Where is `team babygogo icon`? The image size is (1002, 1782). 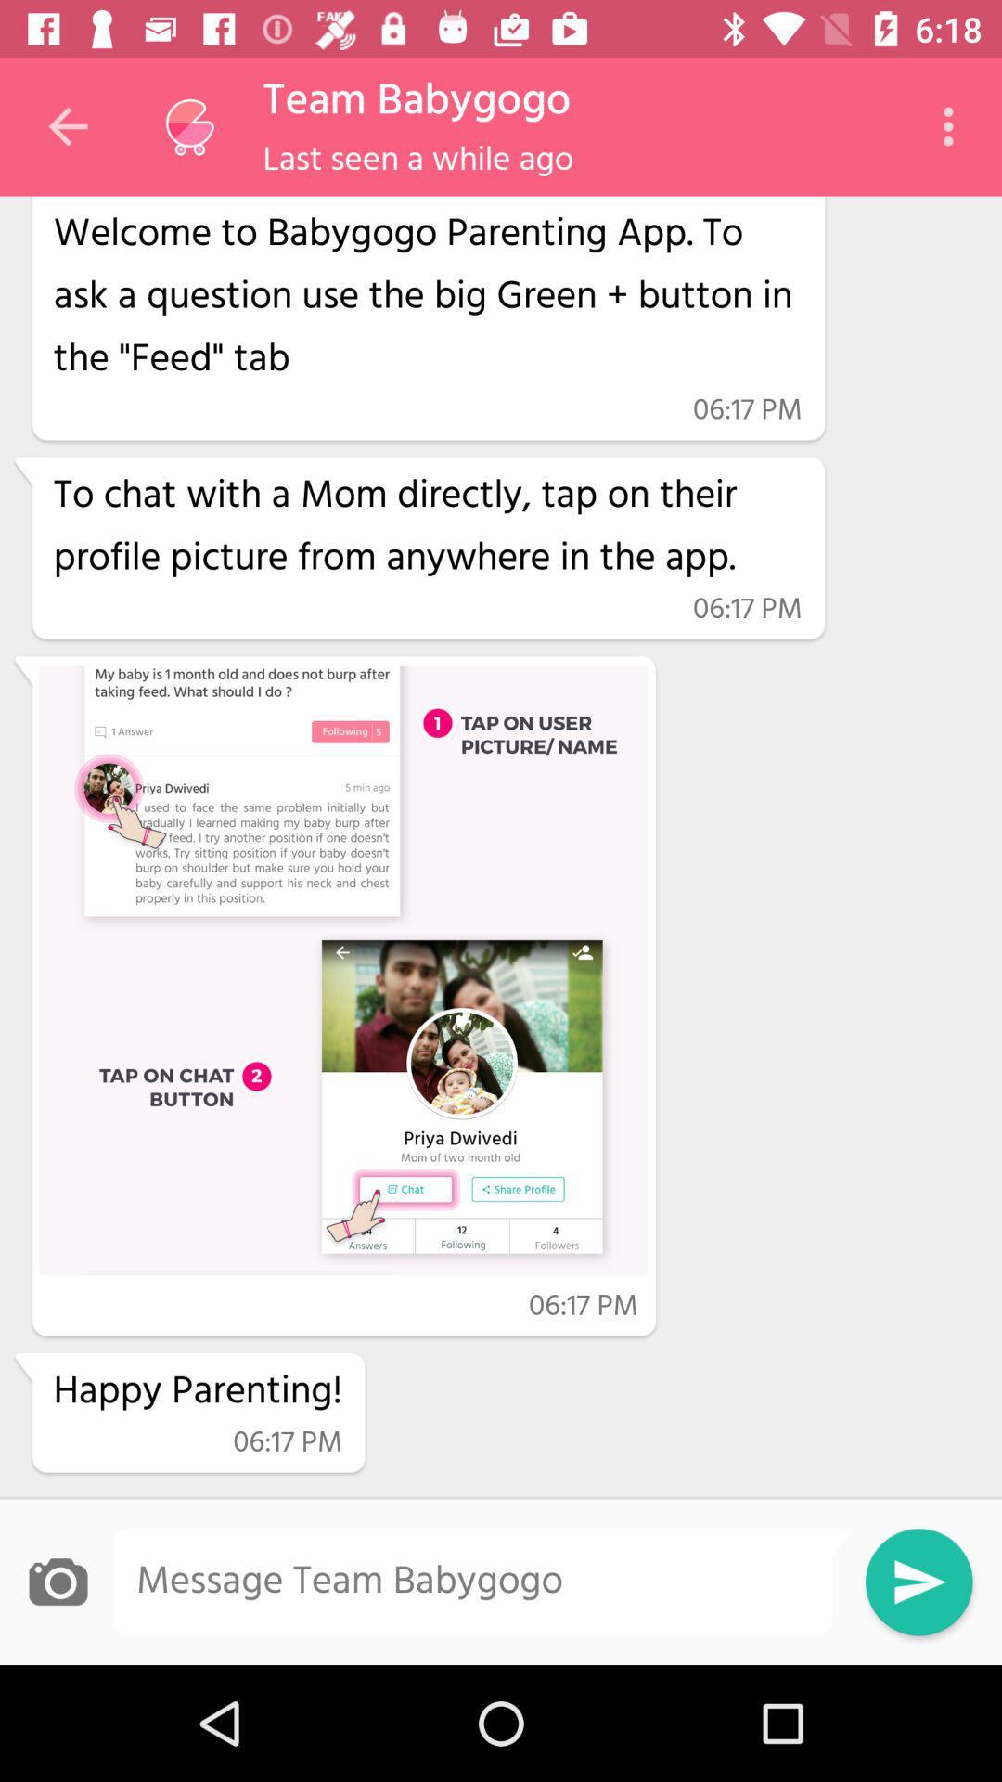
team babygogo icon is located at coordinates (416, 100).